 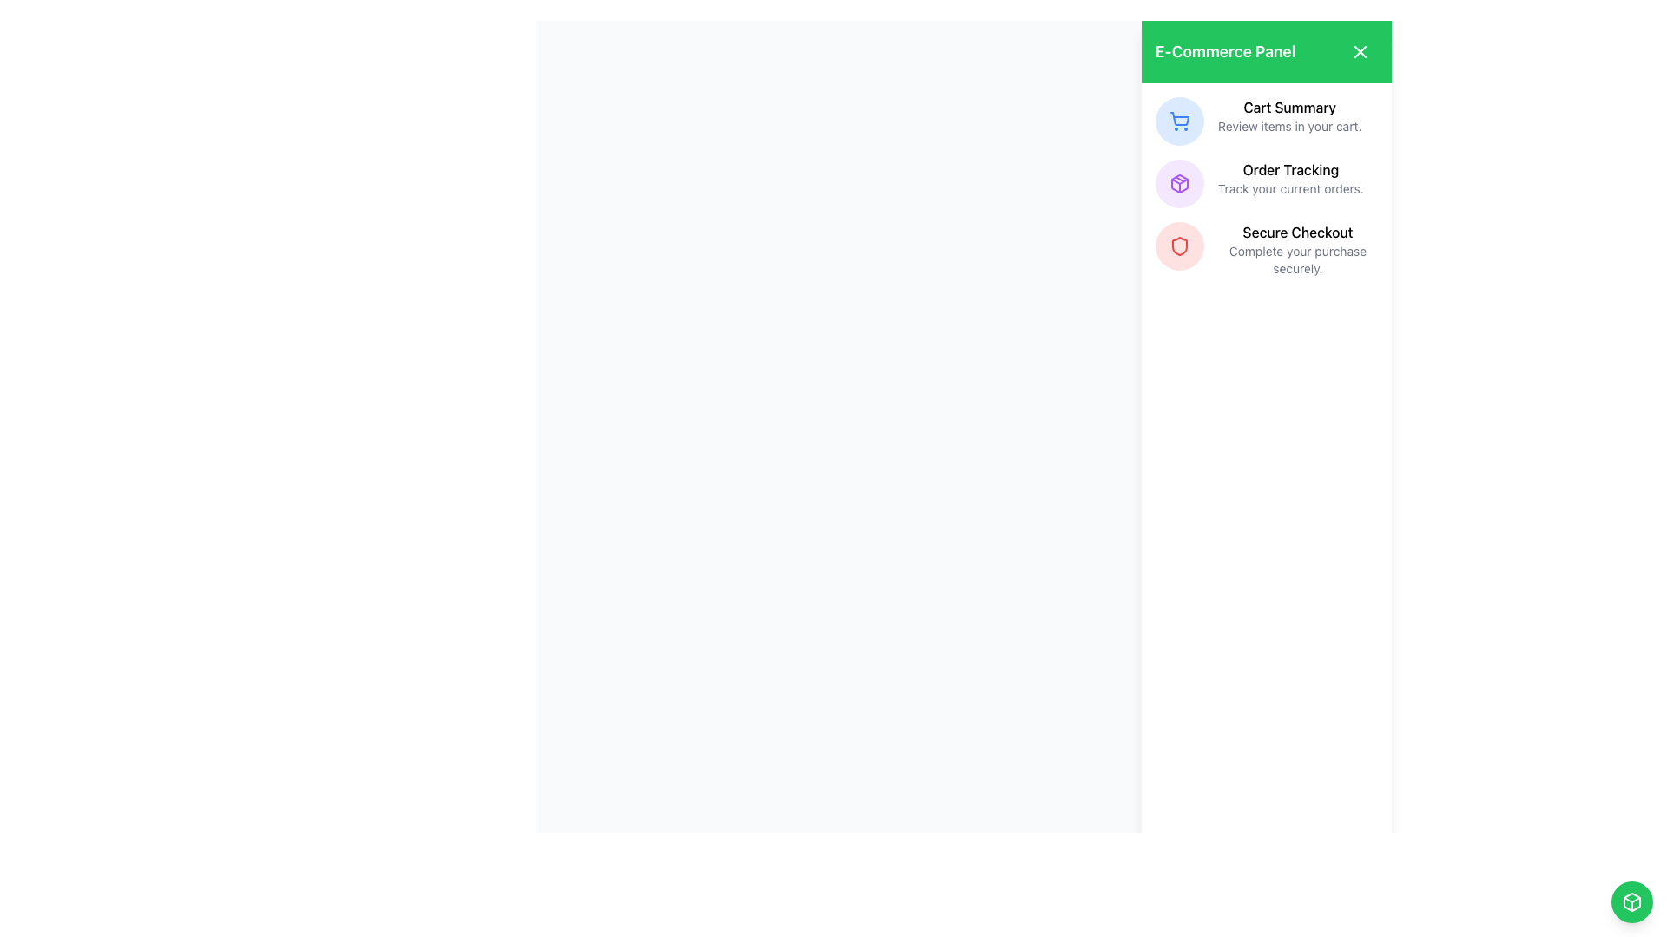 What do you see at coordinates (1290, 189) in the screenshot?
I see `the text label displaying 'Track your current orders.' which is positioned beneath the 'Order Tracking' heading, aligned to the left within a vertical layout` at bounding box center [1290, 189].